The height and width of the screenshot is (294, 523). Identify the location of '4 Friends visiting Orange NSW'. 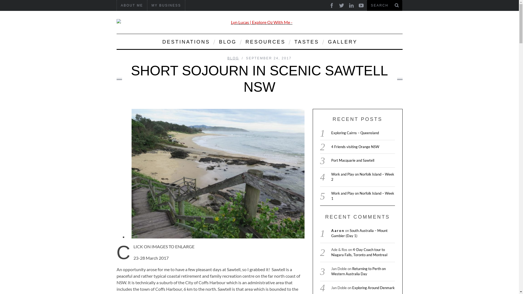
(355, 146).